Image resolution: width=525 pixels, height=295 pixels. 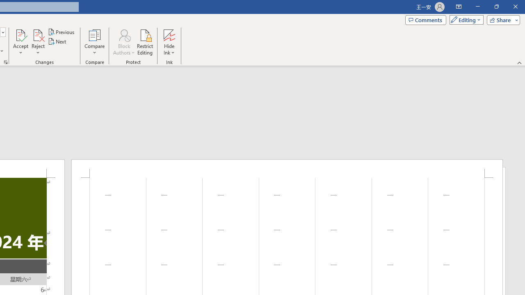 What do you see at coordinates (21, 34) in the screenshot?
I see `'Accept and Move to Next'` at bounding box center [21, 34].